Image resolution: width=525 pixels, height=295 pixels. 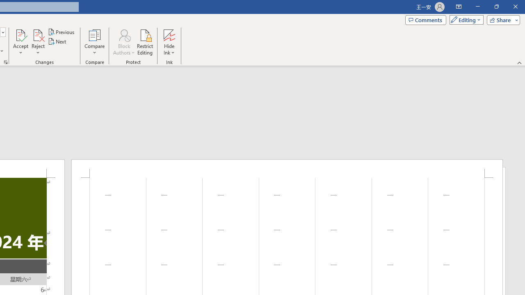 What do you see at coordinates (21, 34) in the screenshot?
I see `'Accept and Move to Next'` at bounding box center [21, 34].